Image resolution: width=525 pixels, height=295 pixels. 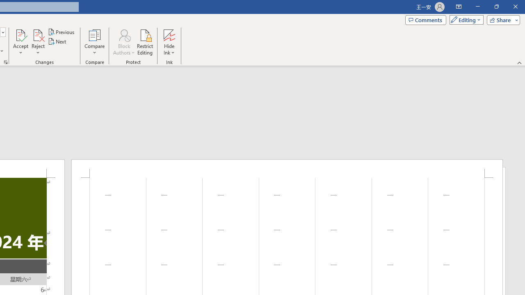 What do you see at coordinates (21, 34) in the screenshot?
I see `'Accept and Move to Next'` at bounding box center [21, 34].